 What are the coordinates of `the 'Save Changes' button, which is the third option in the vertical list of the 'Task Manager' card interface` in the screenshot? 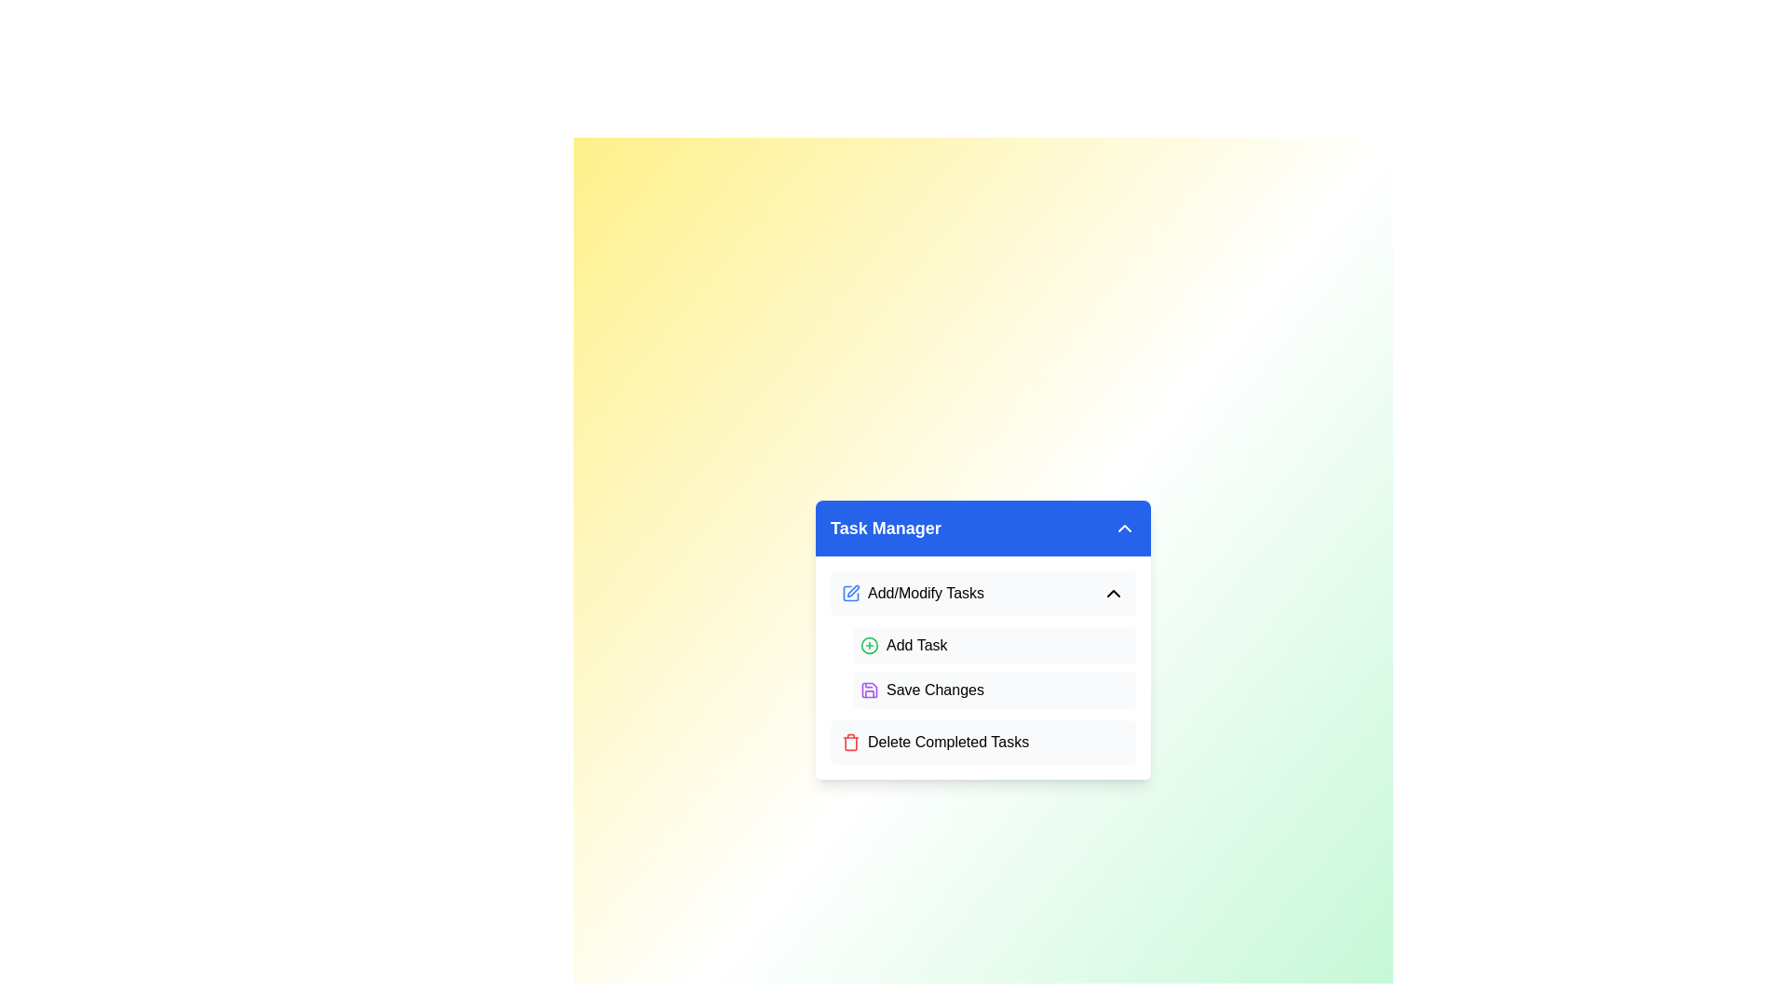 It's located at (935, 690).